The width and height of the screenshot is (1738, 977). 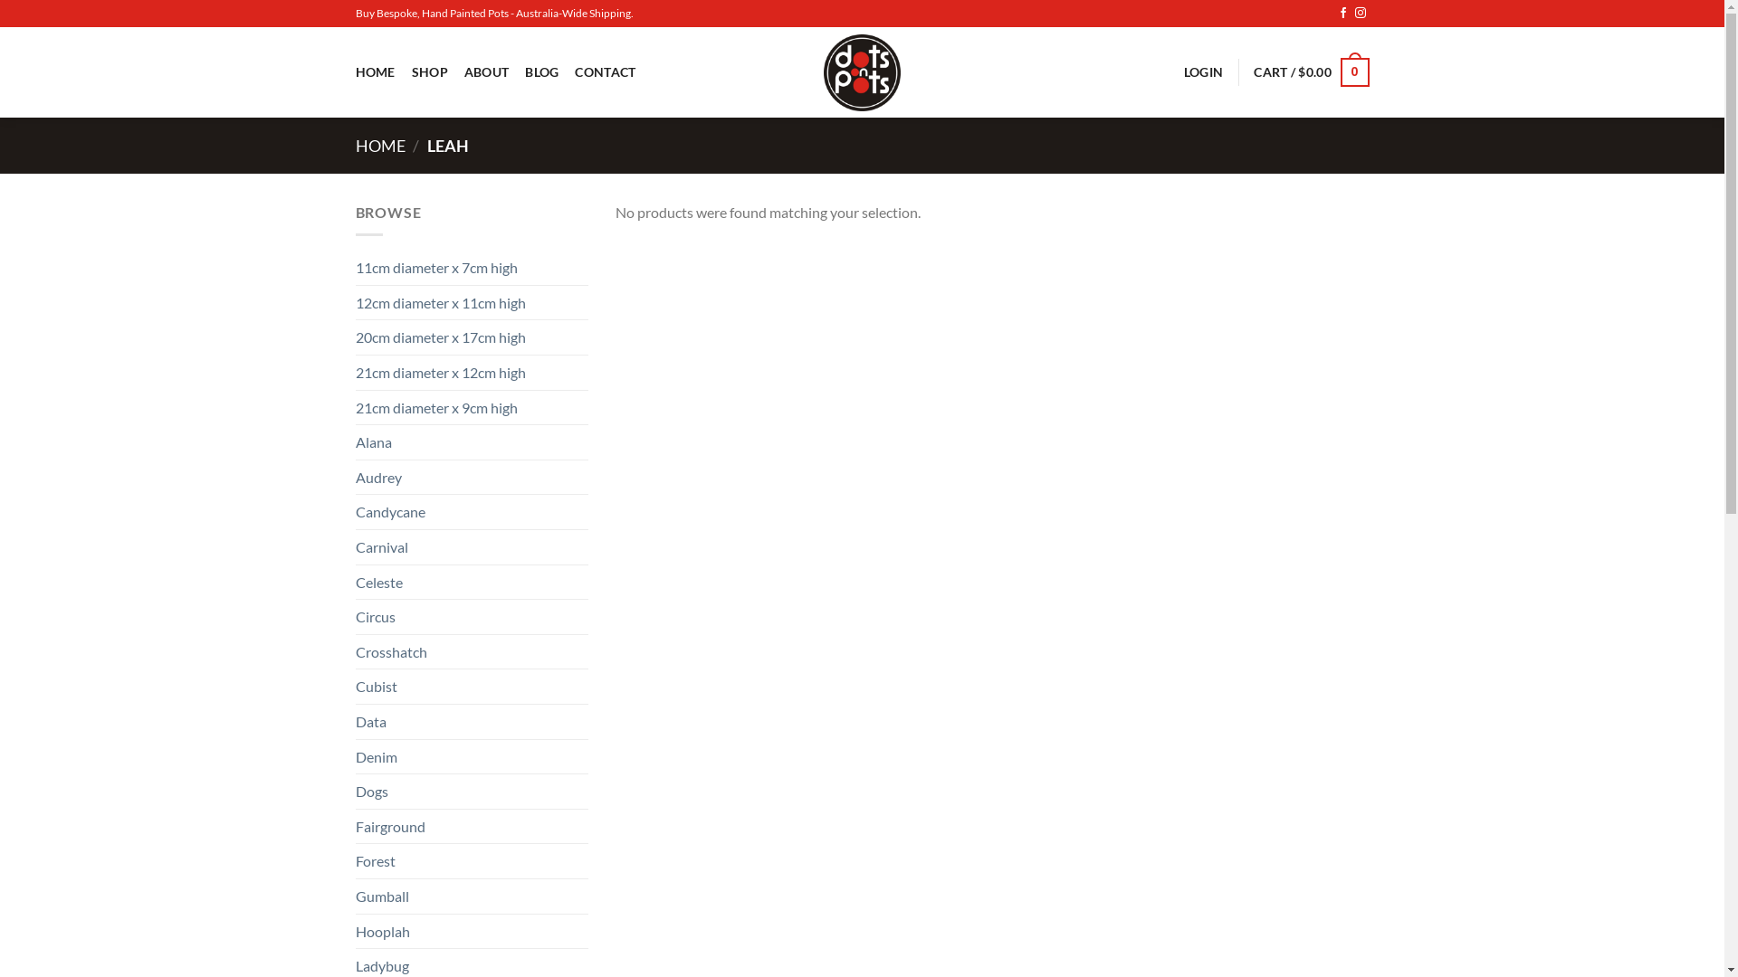 What do you see at coordinates (472, 616) in the screenshot?
I see `'Circus'` at bounding box center [472, 616].